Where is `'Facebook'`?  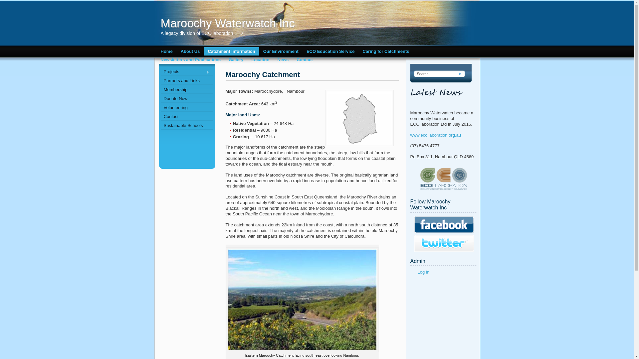
'Facebook' is located at coordinates (444, 224).